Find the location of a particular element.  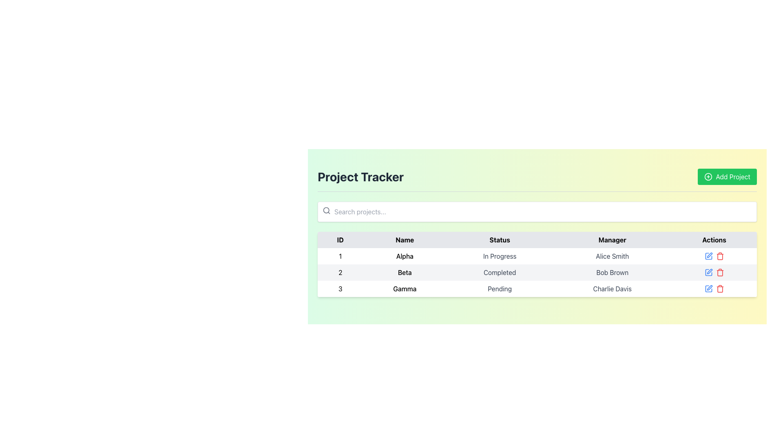

the text label displaying 'Bob Brown' in the 'Manager' column of the second project's row in the table is located at coordinates (612, 272).